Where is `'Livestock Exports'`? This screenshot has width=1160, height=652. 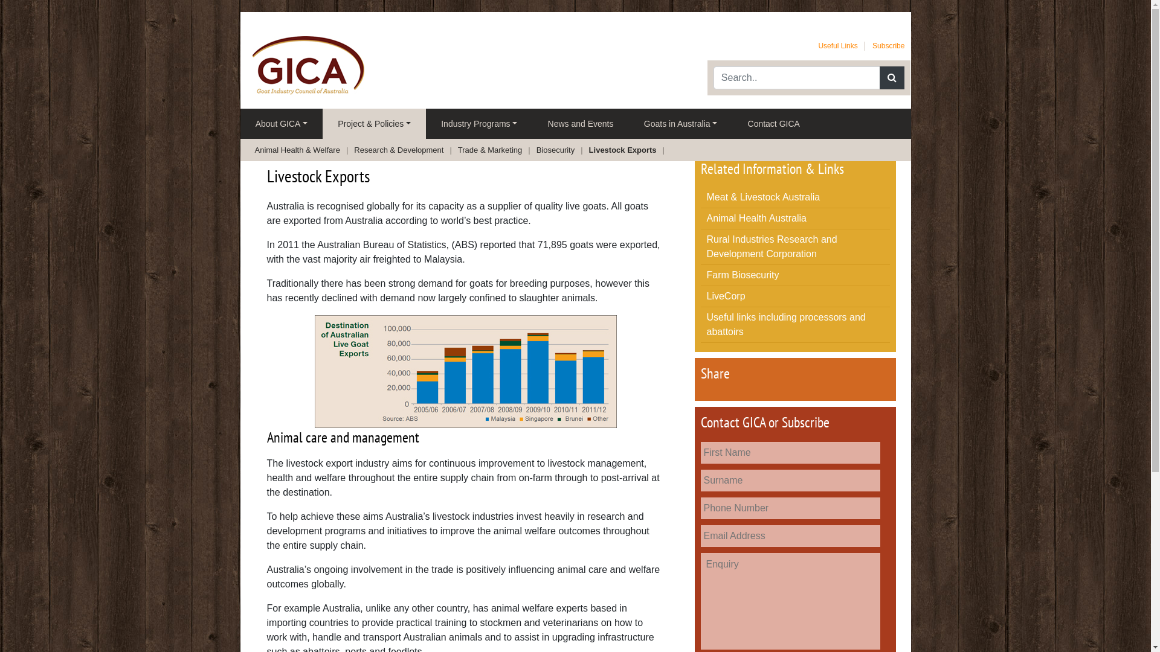
'Livestock Exports' is located at coordinates (627, 149).